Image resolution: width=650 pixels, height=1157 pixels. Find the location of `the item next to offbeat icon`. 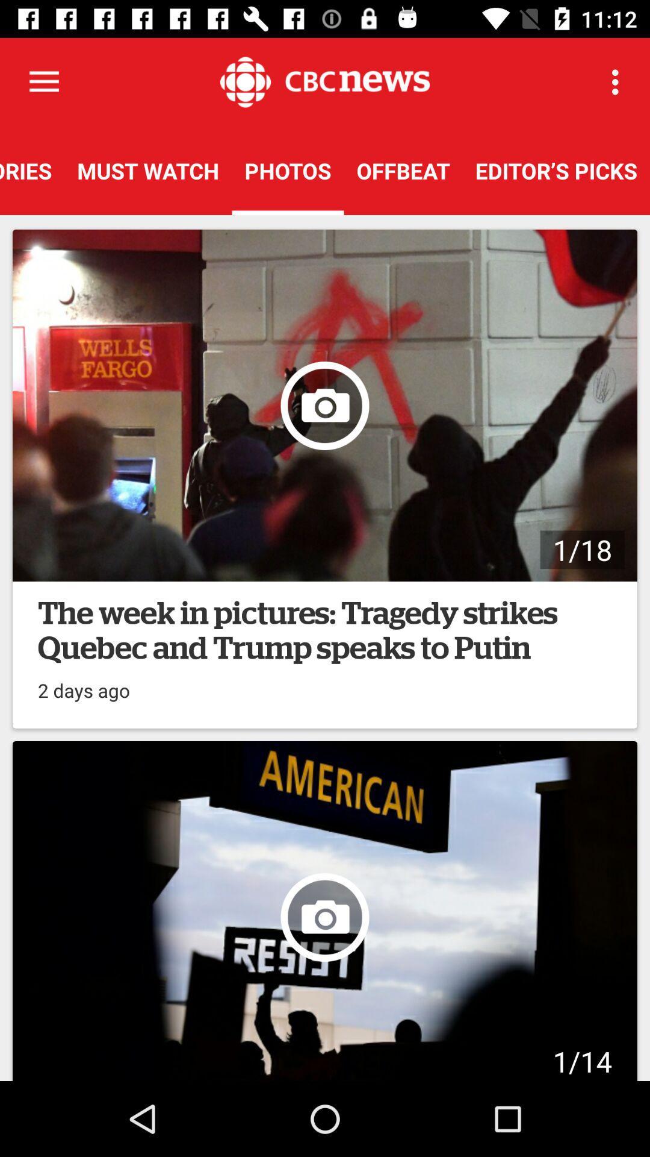

the item next to offbeat icon is located at coordinates (618, 81).